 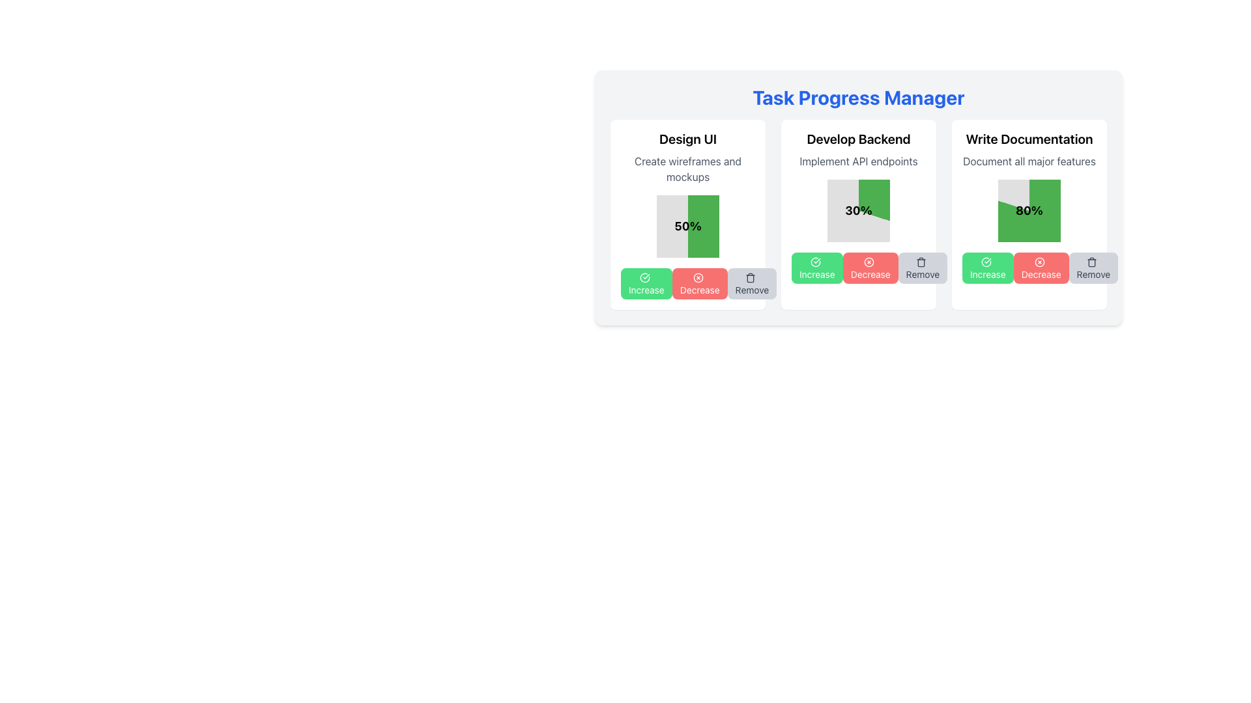 I want to click on the decorative SVG icon inside the green 'Increase' button located in the bottom-left section of the 'Develop Backend' panel in the 'Task Progress Manager' interface, so click(x=815, y=262).